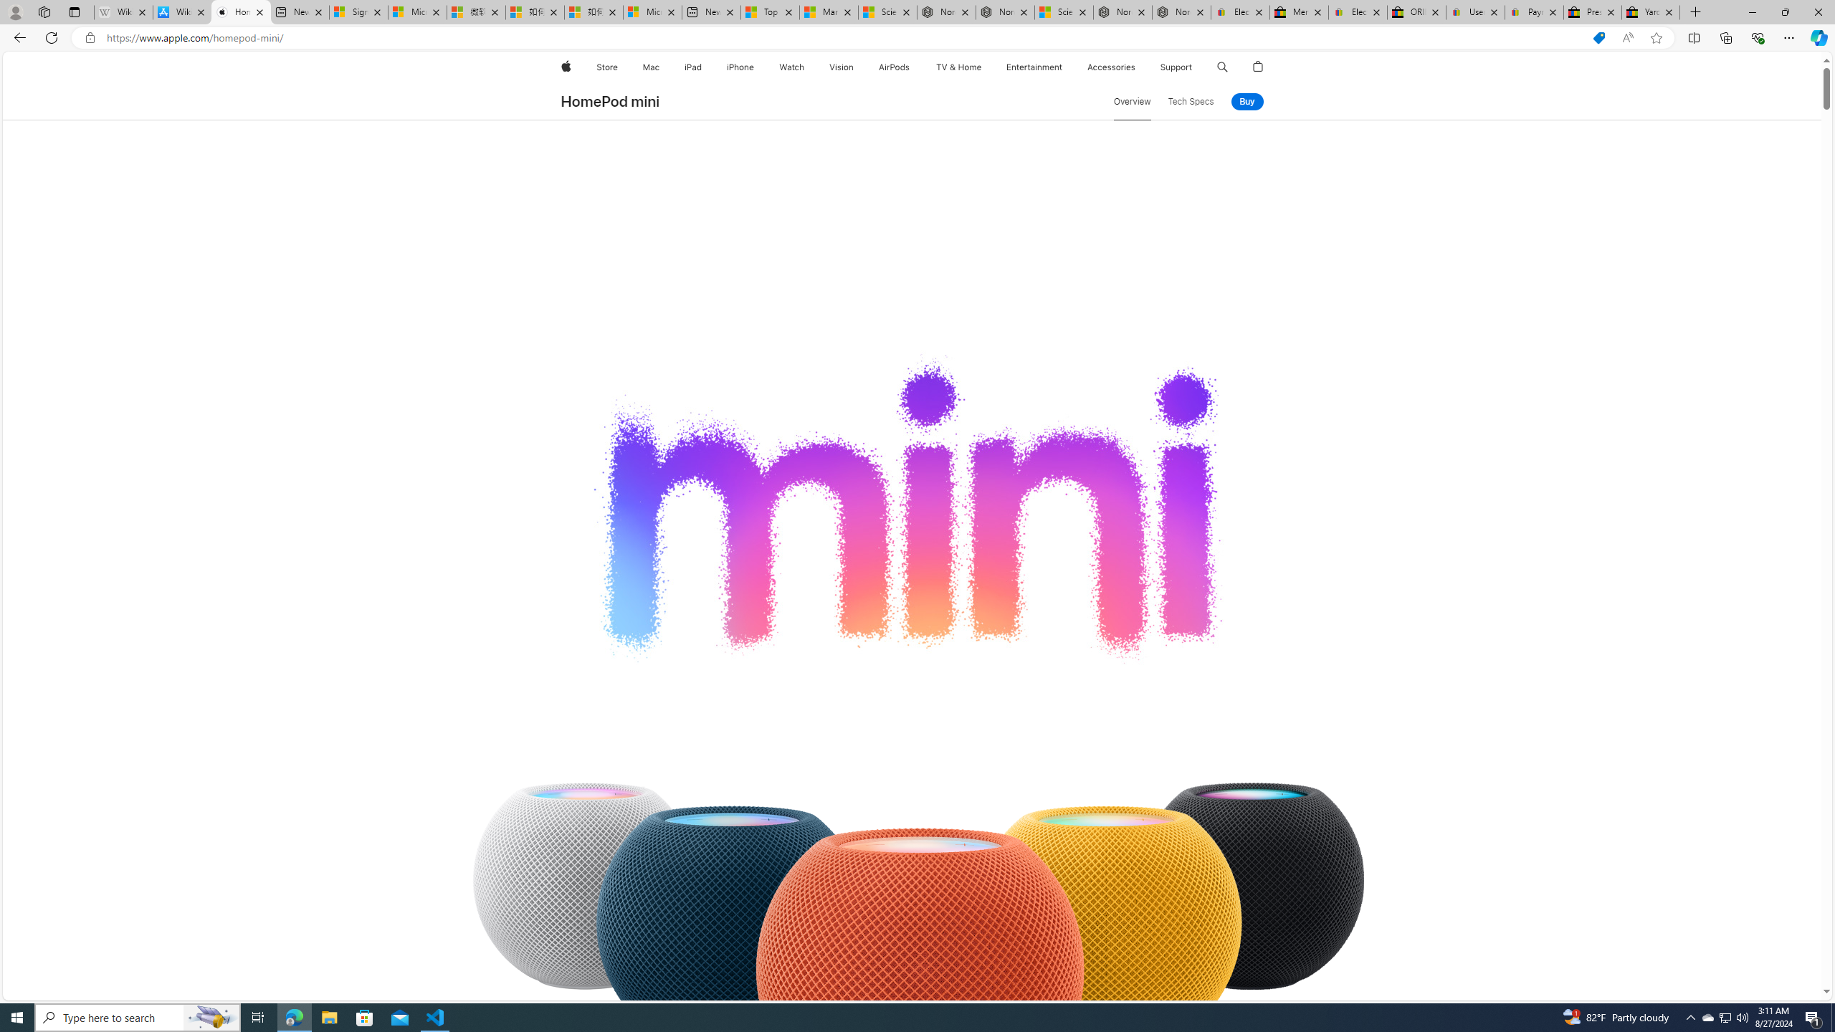  What do you see at coordinates (807, 67) in the screenshot?
I see `'Watch menu'` at bounding box center [807, 67].